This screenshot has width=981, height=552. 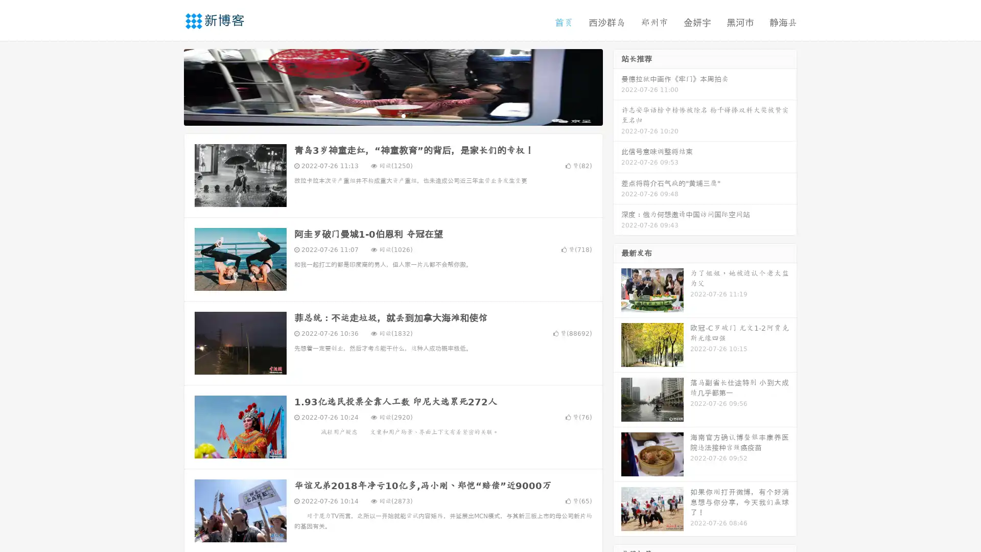 What do you see at coordinates (403, 115) in the screenshot?
I see `Go to slide 3` at bounding box center [403, 115].